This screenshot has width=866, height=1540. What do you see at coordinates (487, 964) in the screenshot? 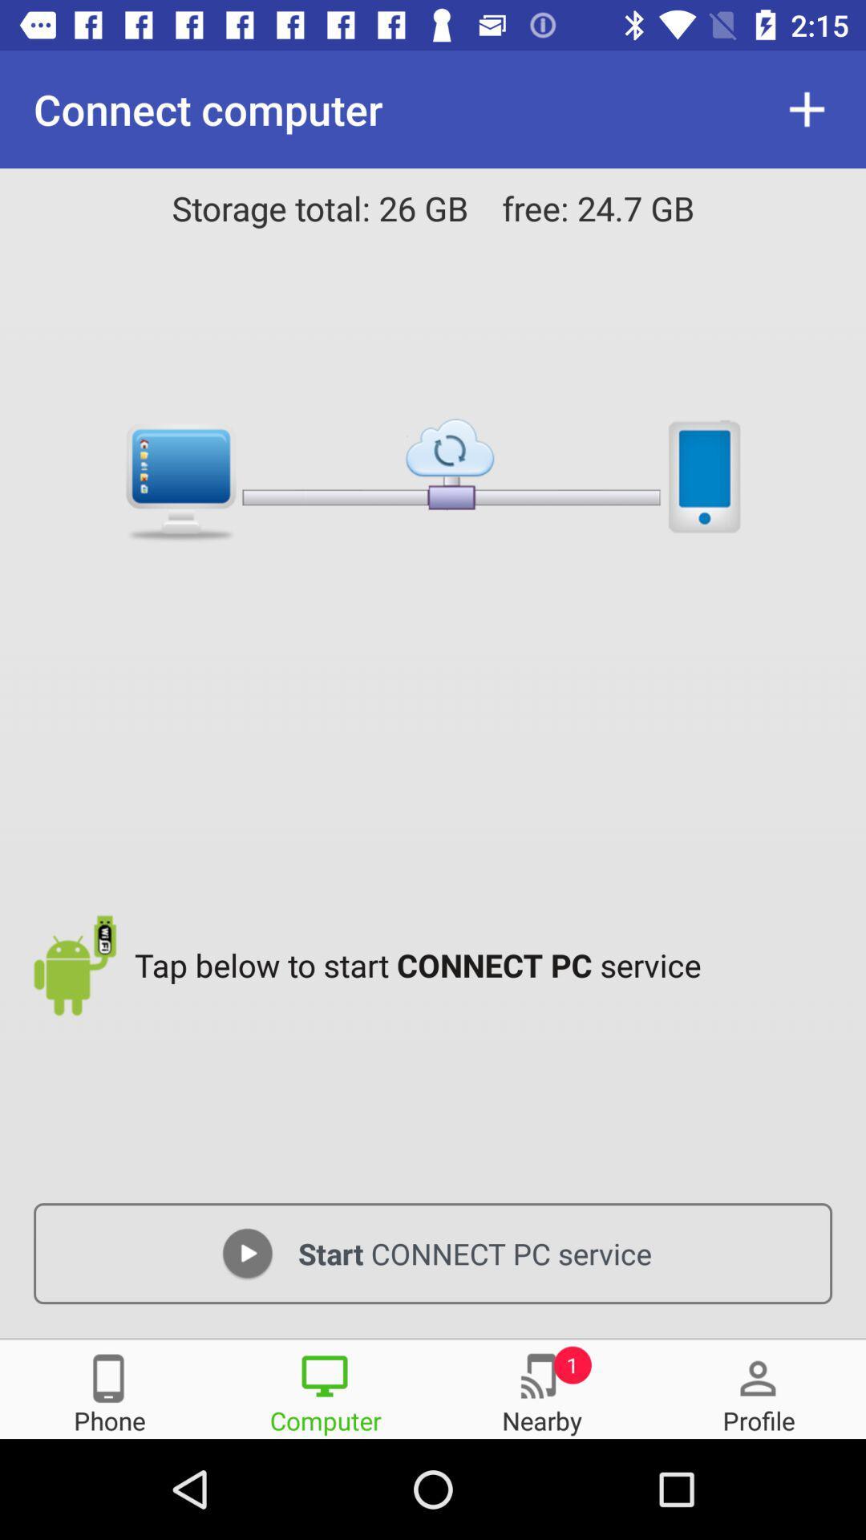
I see `tap below to item` at bounding box center [487, 964].